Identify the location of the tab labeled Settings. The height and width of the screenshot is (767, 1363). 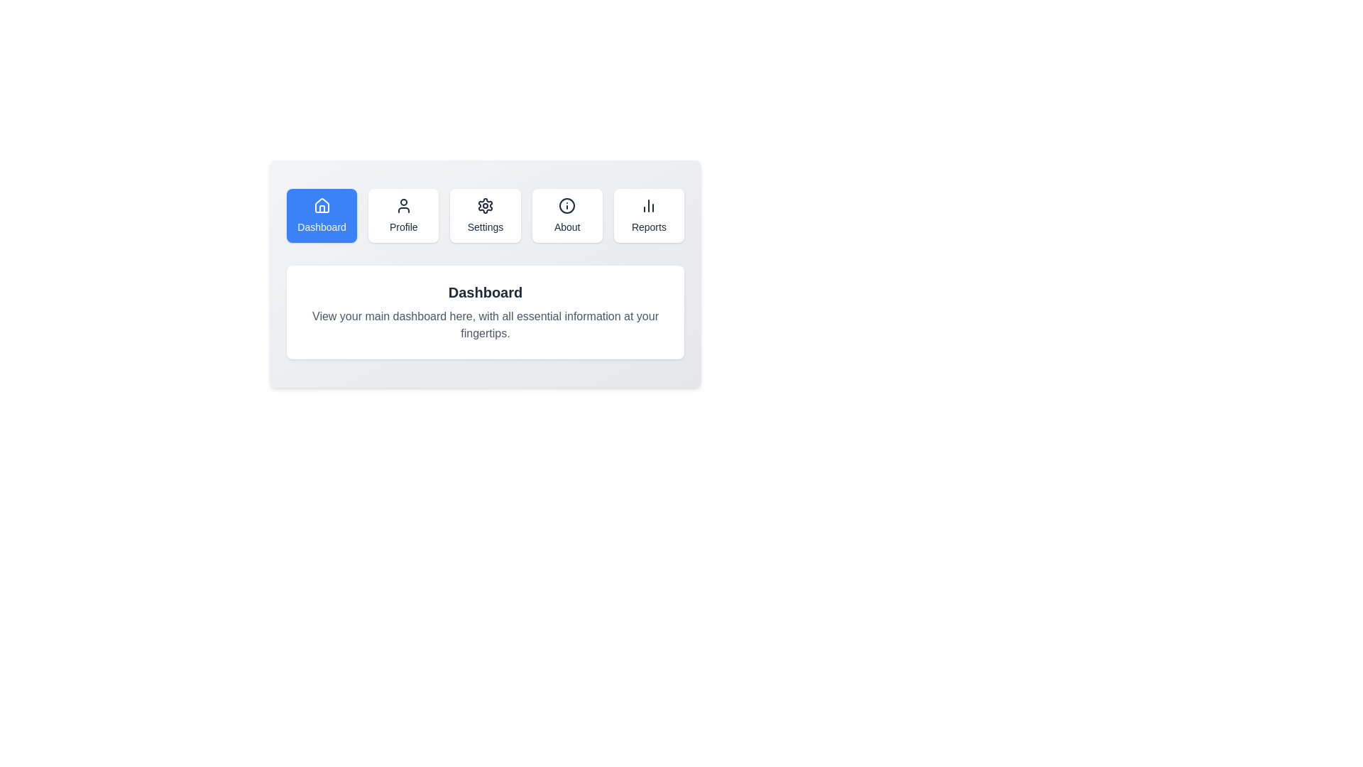
(485, 216).